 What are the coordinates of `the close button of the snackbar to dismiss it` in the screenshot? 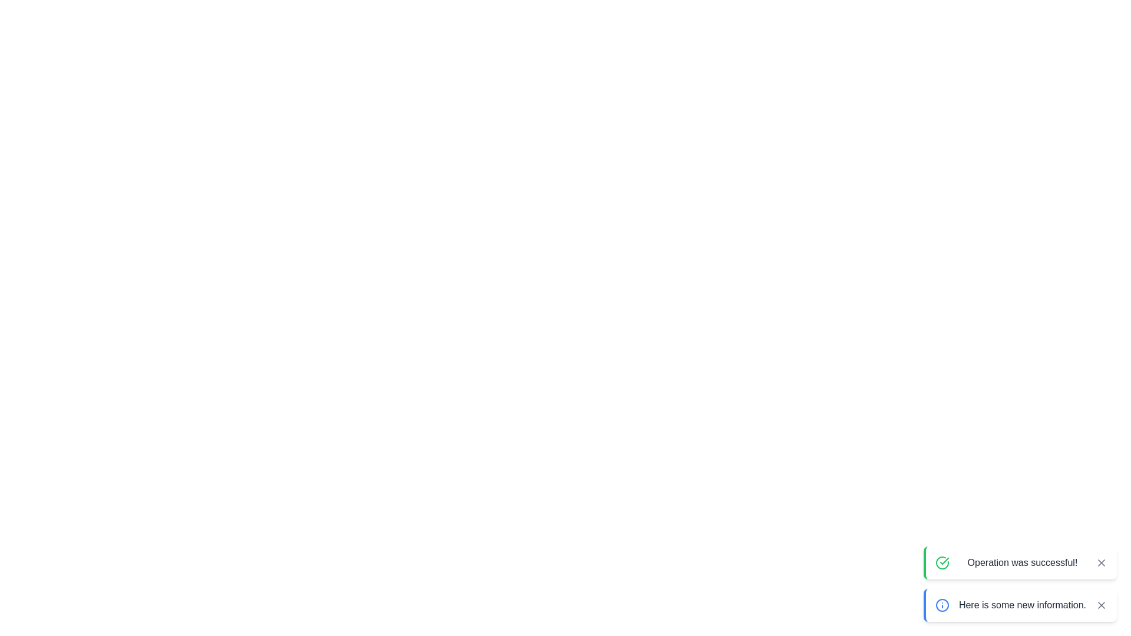 It's located at (1101, 562).